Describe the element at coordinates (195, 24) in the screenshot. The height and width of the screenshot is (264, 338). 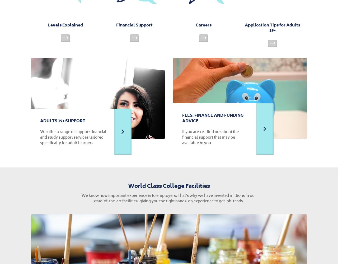
I see `'Careers'` at that location.